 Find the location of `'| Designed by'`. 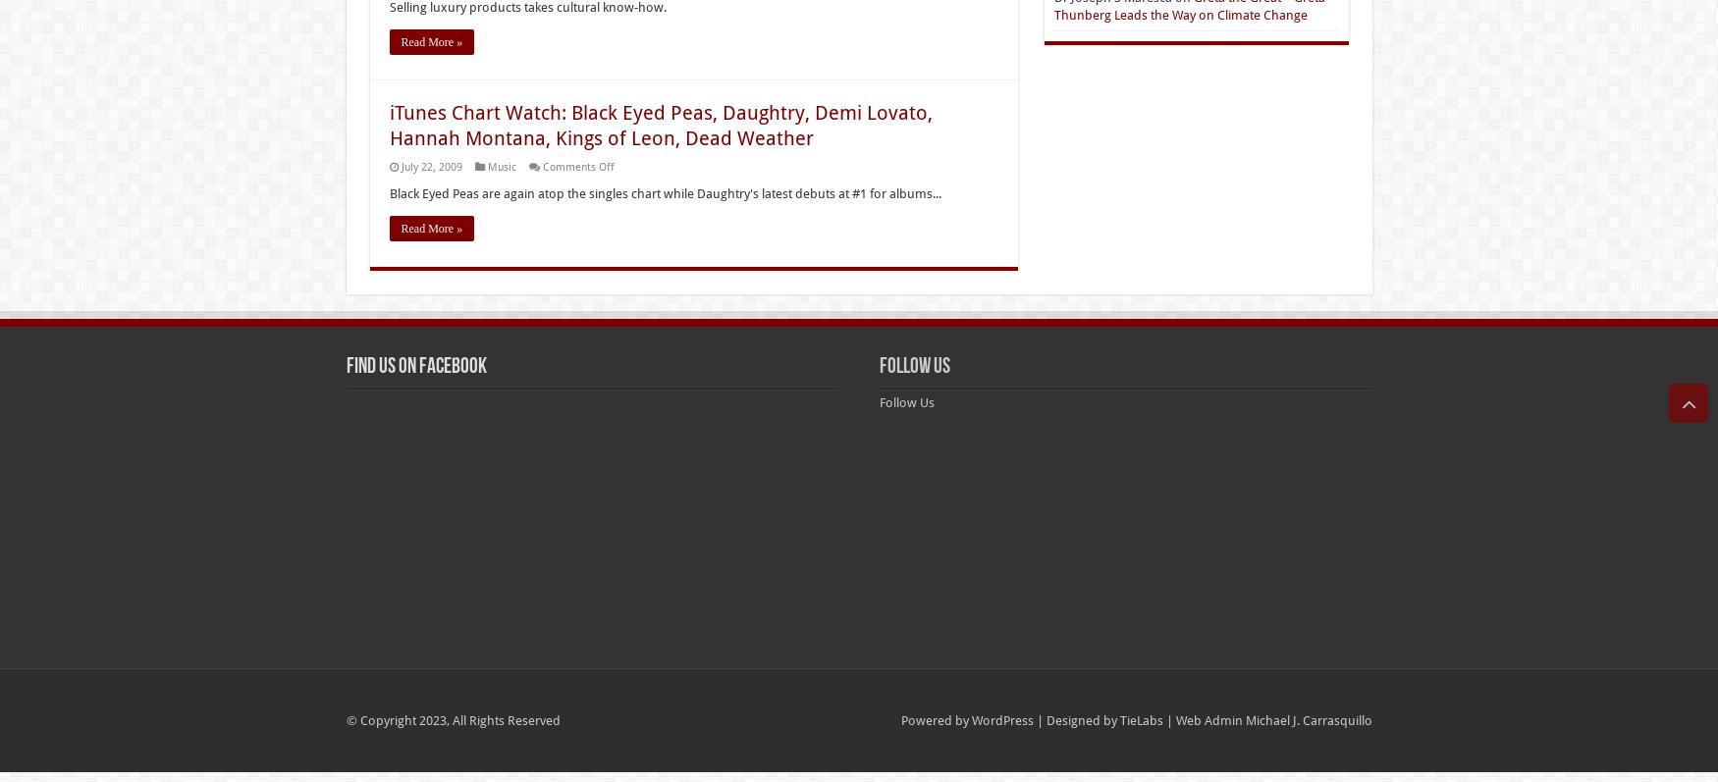

'| Designed by' is located at coordinates (1076, 720).